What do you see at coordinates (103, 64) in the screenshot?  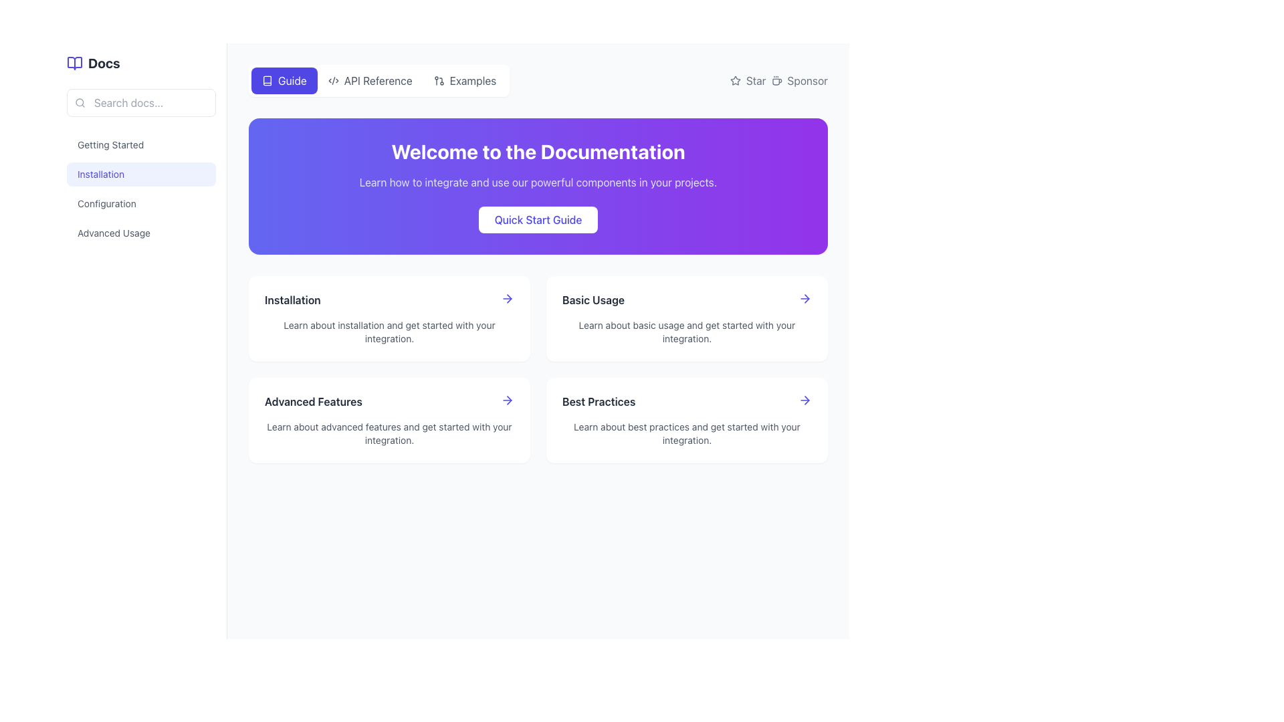 I see `the 'Docs' text label, which is styled in bold, larger size, and dark gray color, located in the top-left corner of the page adjacent to a book-like icon` at bounding box center [103, 64].